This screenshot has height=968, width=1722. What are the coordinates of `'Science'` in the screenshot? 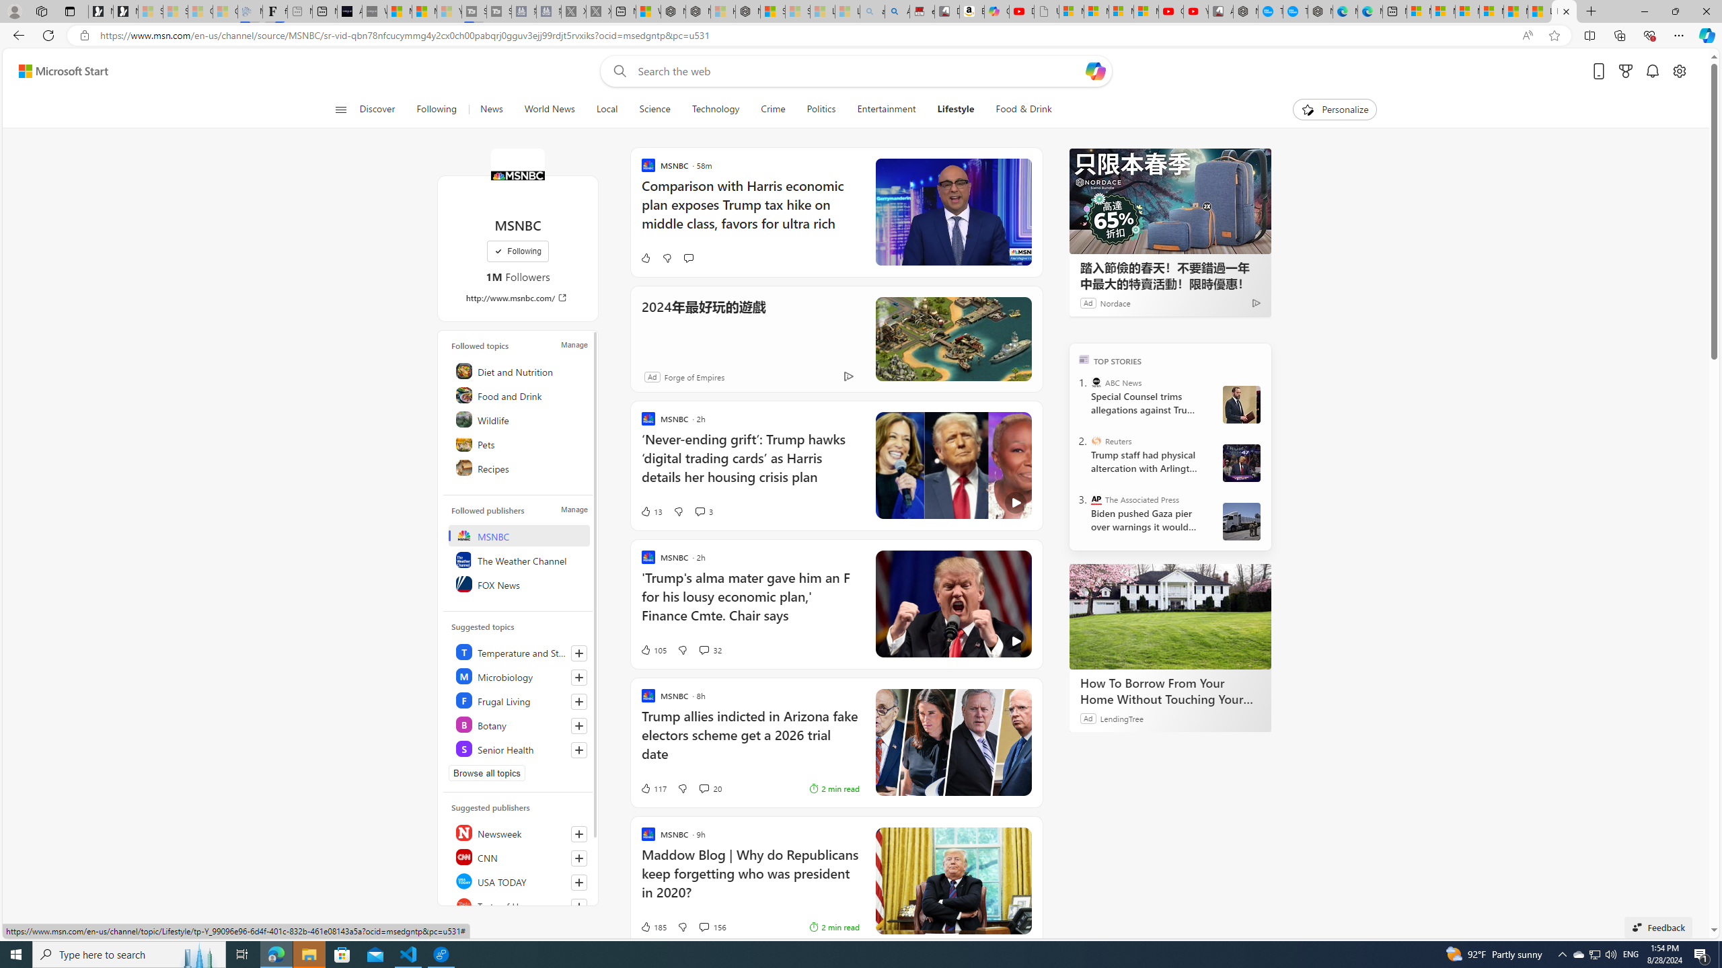 It's located at (653, 109).